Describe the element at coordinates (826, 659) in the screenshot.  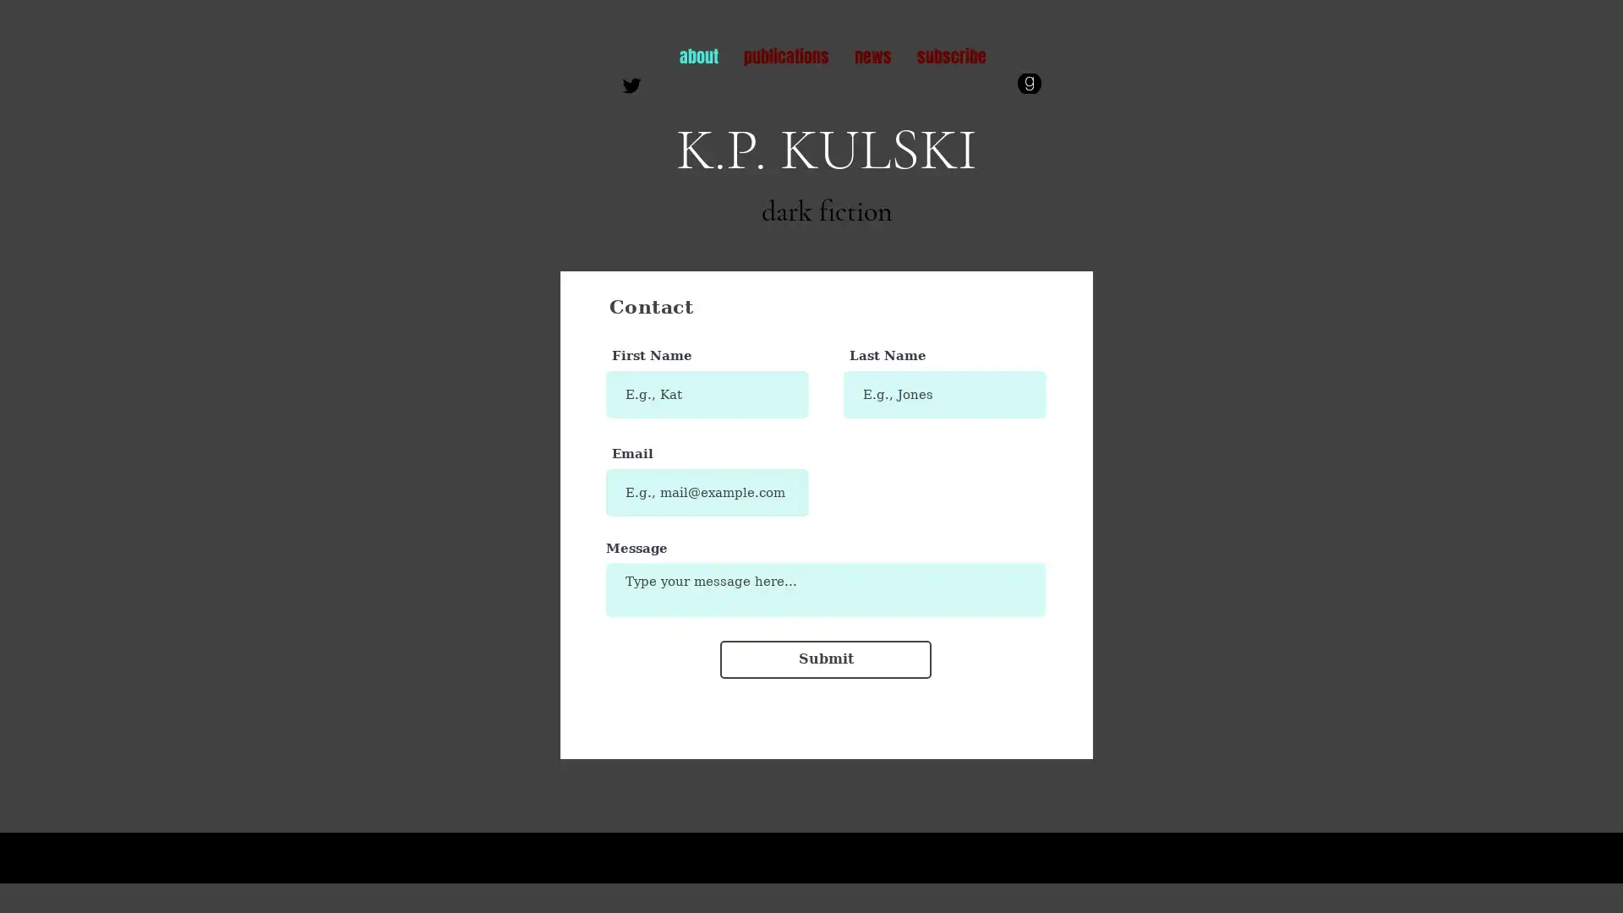
I see `Submit` at that location.